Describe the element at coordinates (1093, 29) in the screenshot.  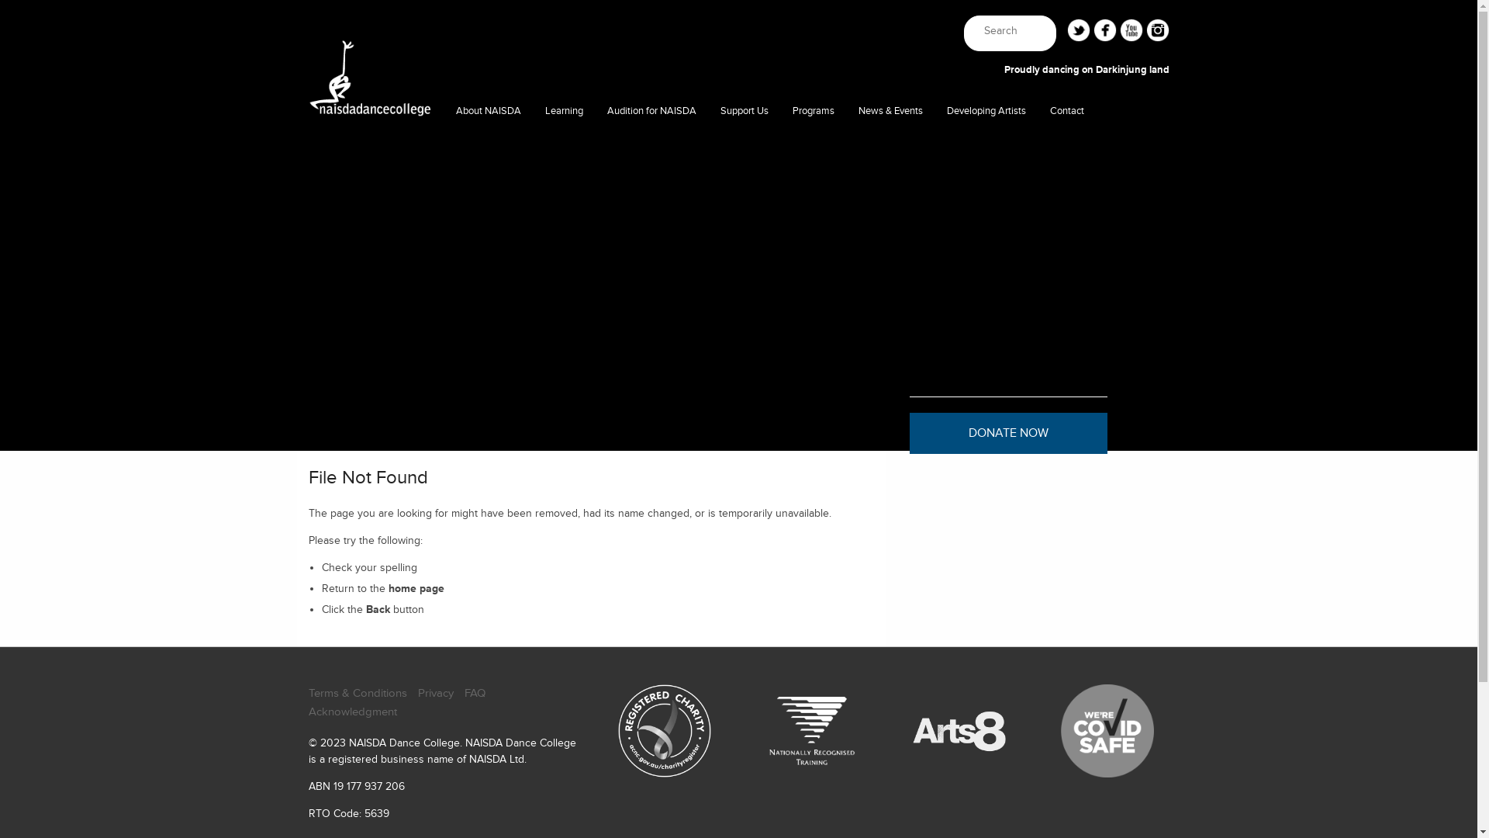
I see `'Facebook'` at that location.